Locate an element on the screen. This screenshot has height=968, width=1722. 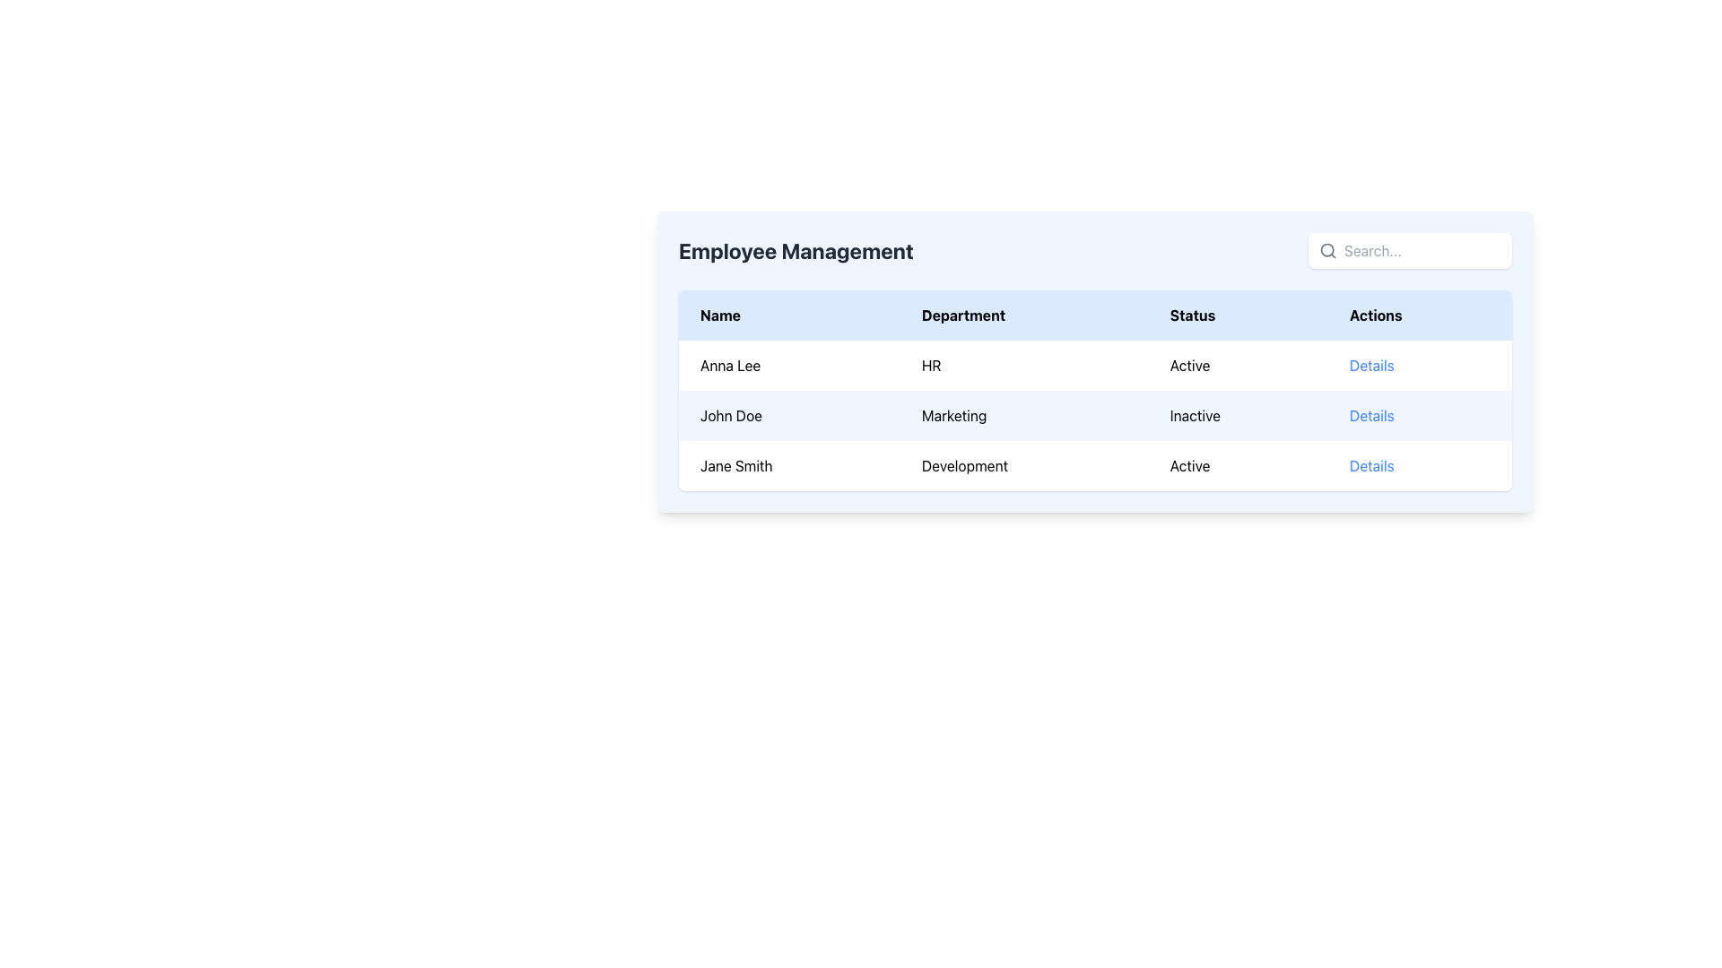
the 'Details' link styled as blue, underlined text located is located at coordinates (1370, 365).